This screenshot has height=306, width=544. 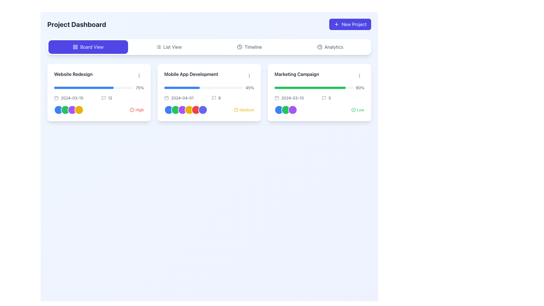 I want to click on the small monochromatic speech bubble icon located in the 'Mobile App Development' section of the dashboard, next to the numeric value '8', so click(x=213, y=98).